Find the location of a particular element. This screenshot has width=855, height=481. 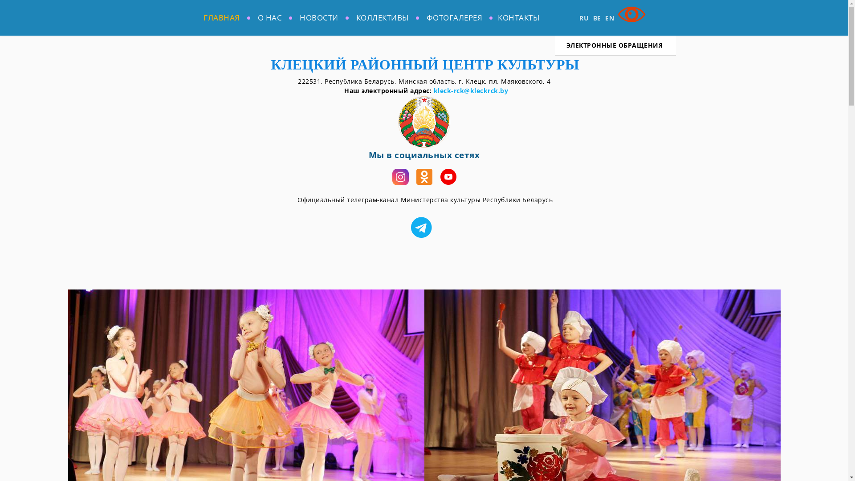

'RU' is located at coordinates (584, 17).